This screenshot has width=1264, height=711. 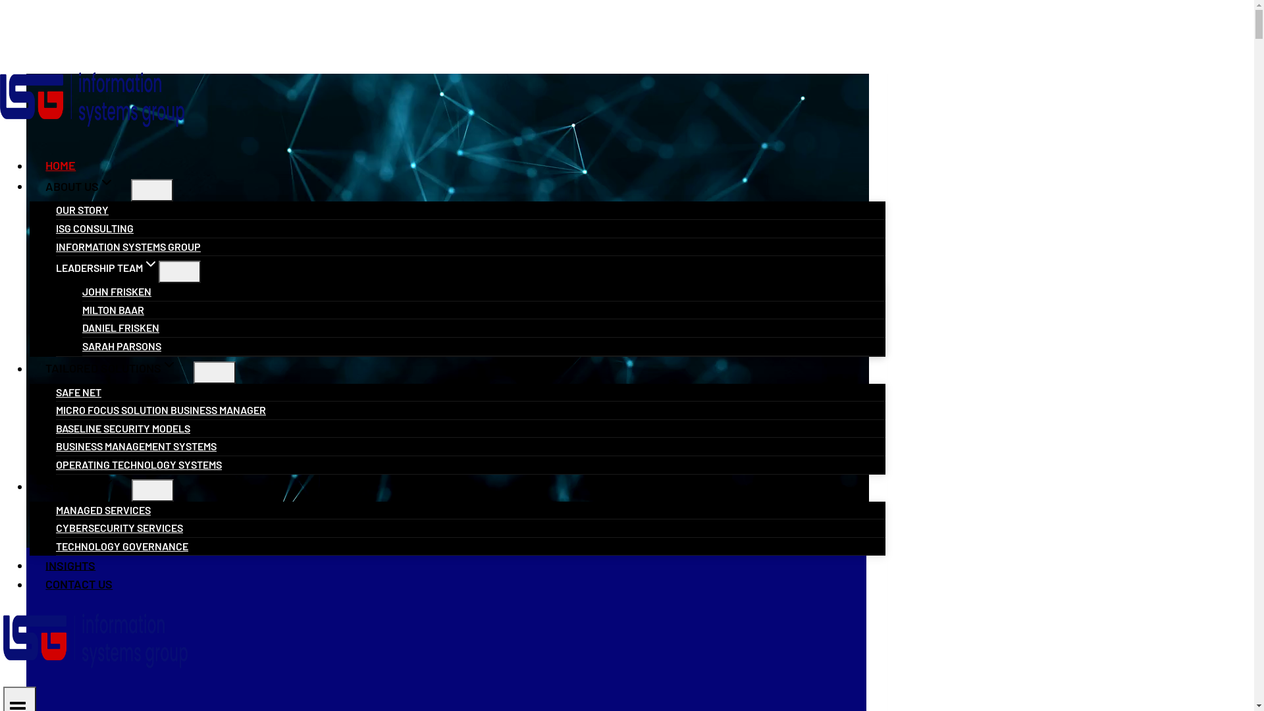 I want to click on 'ABOUT USEXPAND', so click(x=79, y=186).